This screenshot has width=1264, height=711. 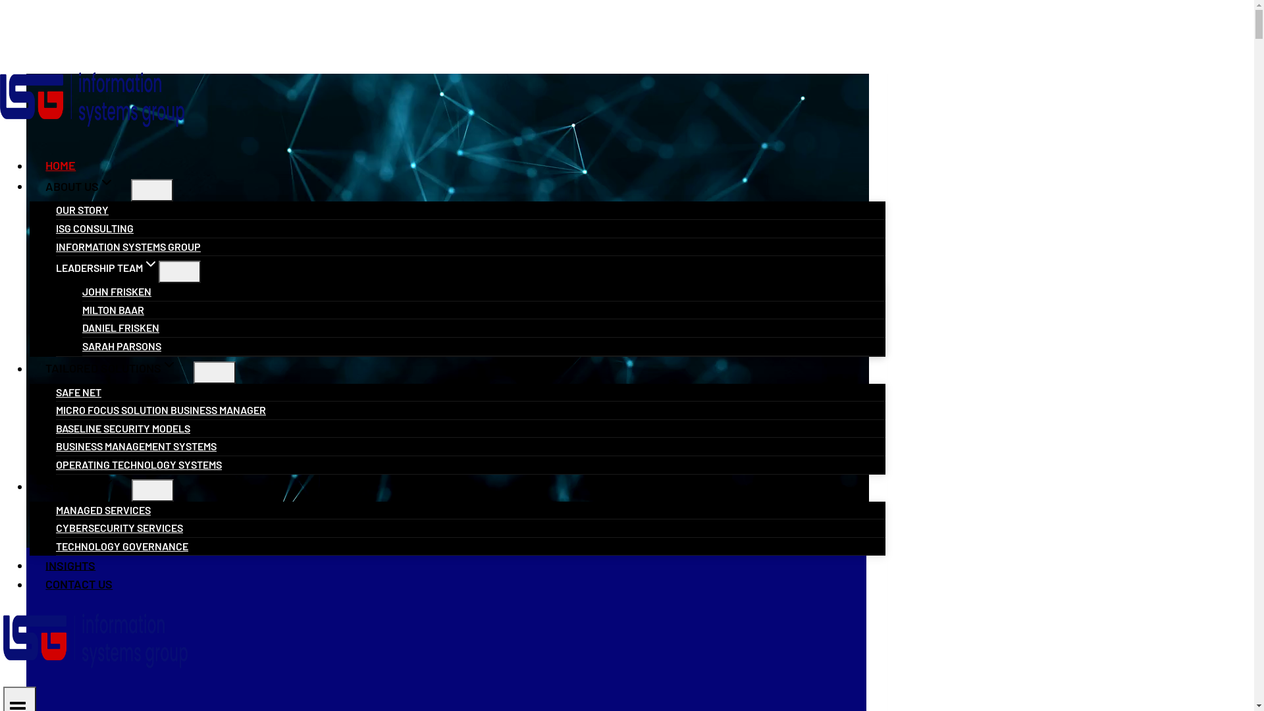 I want to click on 'ABOUT USEXPAND', so click(x=79, y=186).